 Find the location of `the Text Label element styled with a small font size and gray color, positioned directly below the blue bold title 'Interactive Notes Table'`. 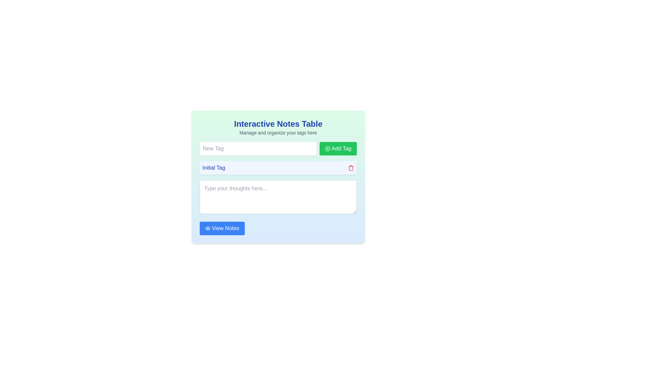

the Text Label element styled with a small font size and gray color, positioned directly below the blue bold title 'Interactive Notes Table' is located at coordinates (278, 133).